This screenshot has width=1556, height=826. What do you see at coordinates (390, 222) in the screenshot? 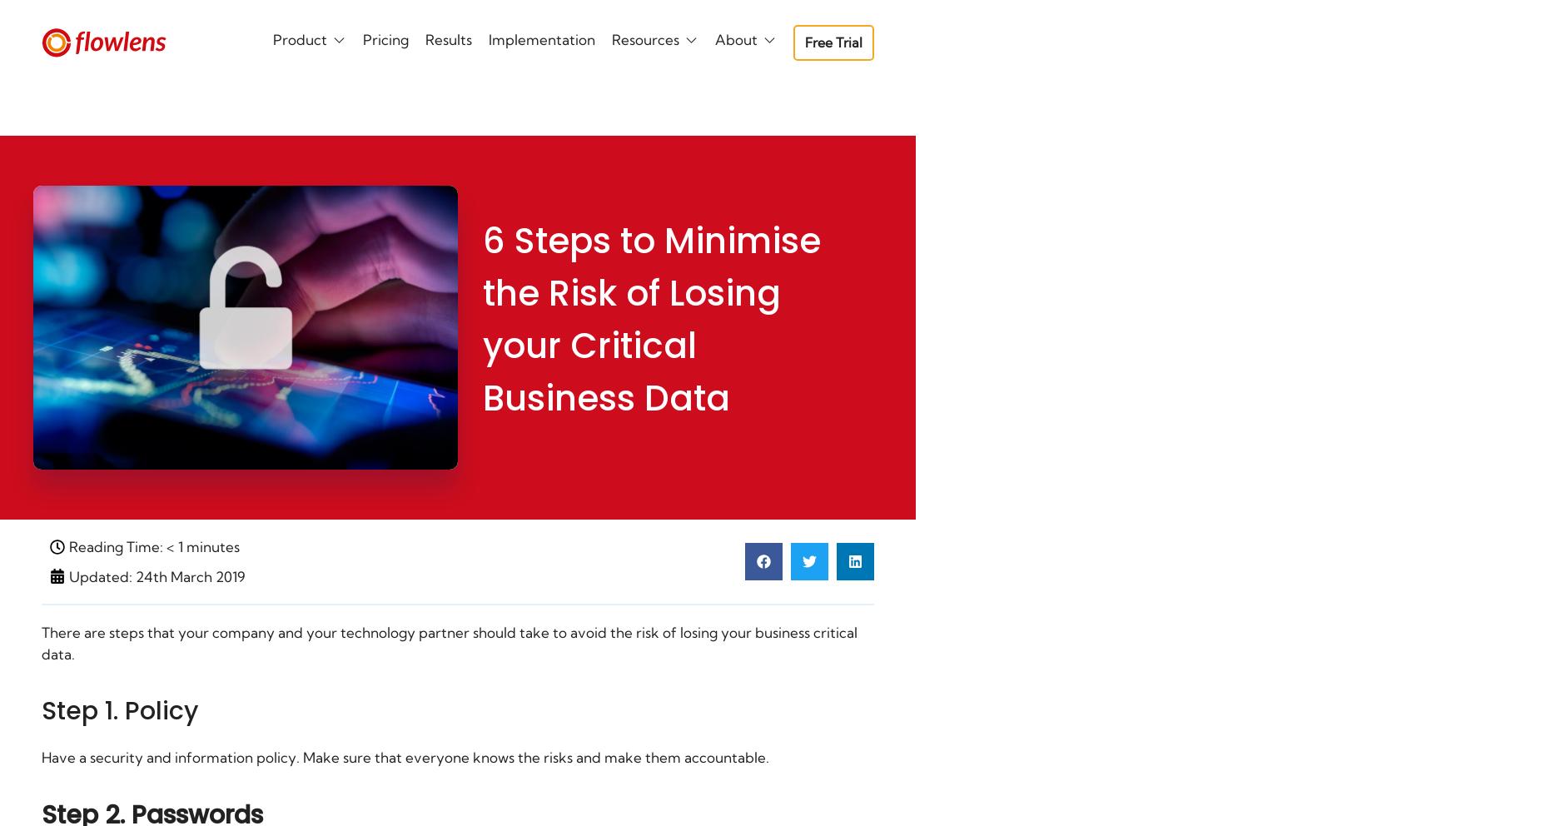
I see `'Knowledge Base'` at bounding box center [390, 222].